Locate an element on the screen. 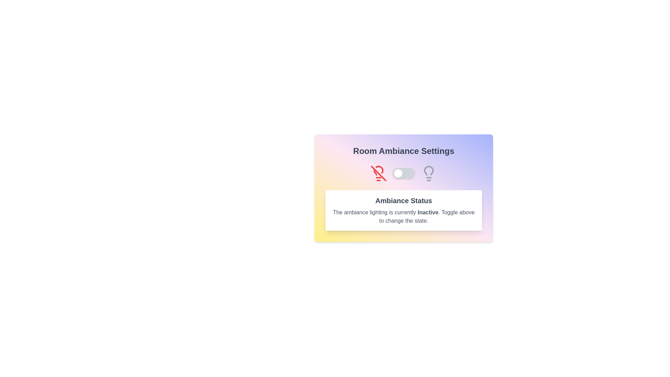  the lightbulb icon, which is the third icon in a horizontal group of three elements, positioned to the right of a red-colored sound control icon and a toggle switch, located within the 'Room Ambiance Settings' card is located at coordinates (428, 173).